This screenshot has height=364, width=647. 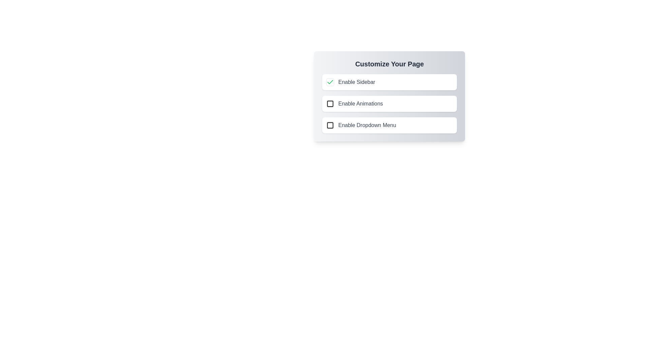 What do you see at coordinates (390, 104) in the screenshot?
I see `the checkbox of the Toggle item that enables animations` at bounding box center [390, 104].